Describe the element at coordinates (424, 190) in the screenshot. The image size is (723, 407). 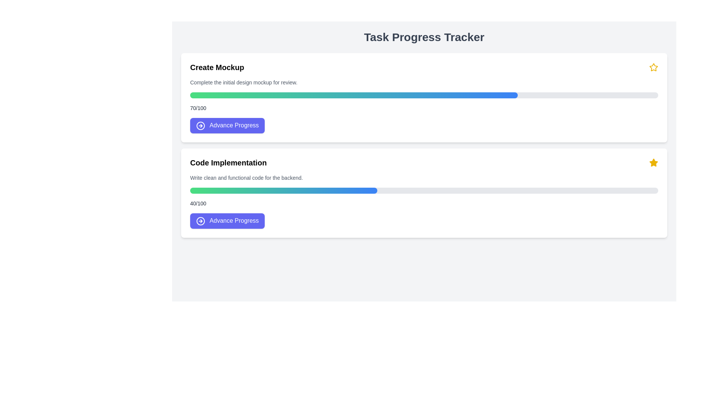
I see `the horizontal progress bar with a gradient color filling, representing 40% progress, located in the 'Code Implementation' section beneath the label 'Write clean and functional code for the backend'` at that location.